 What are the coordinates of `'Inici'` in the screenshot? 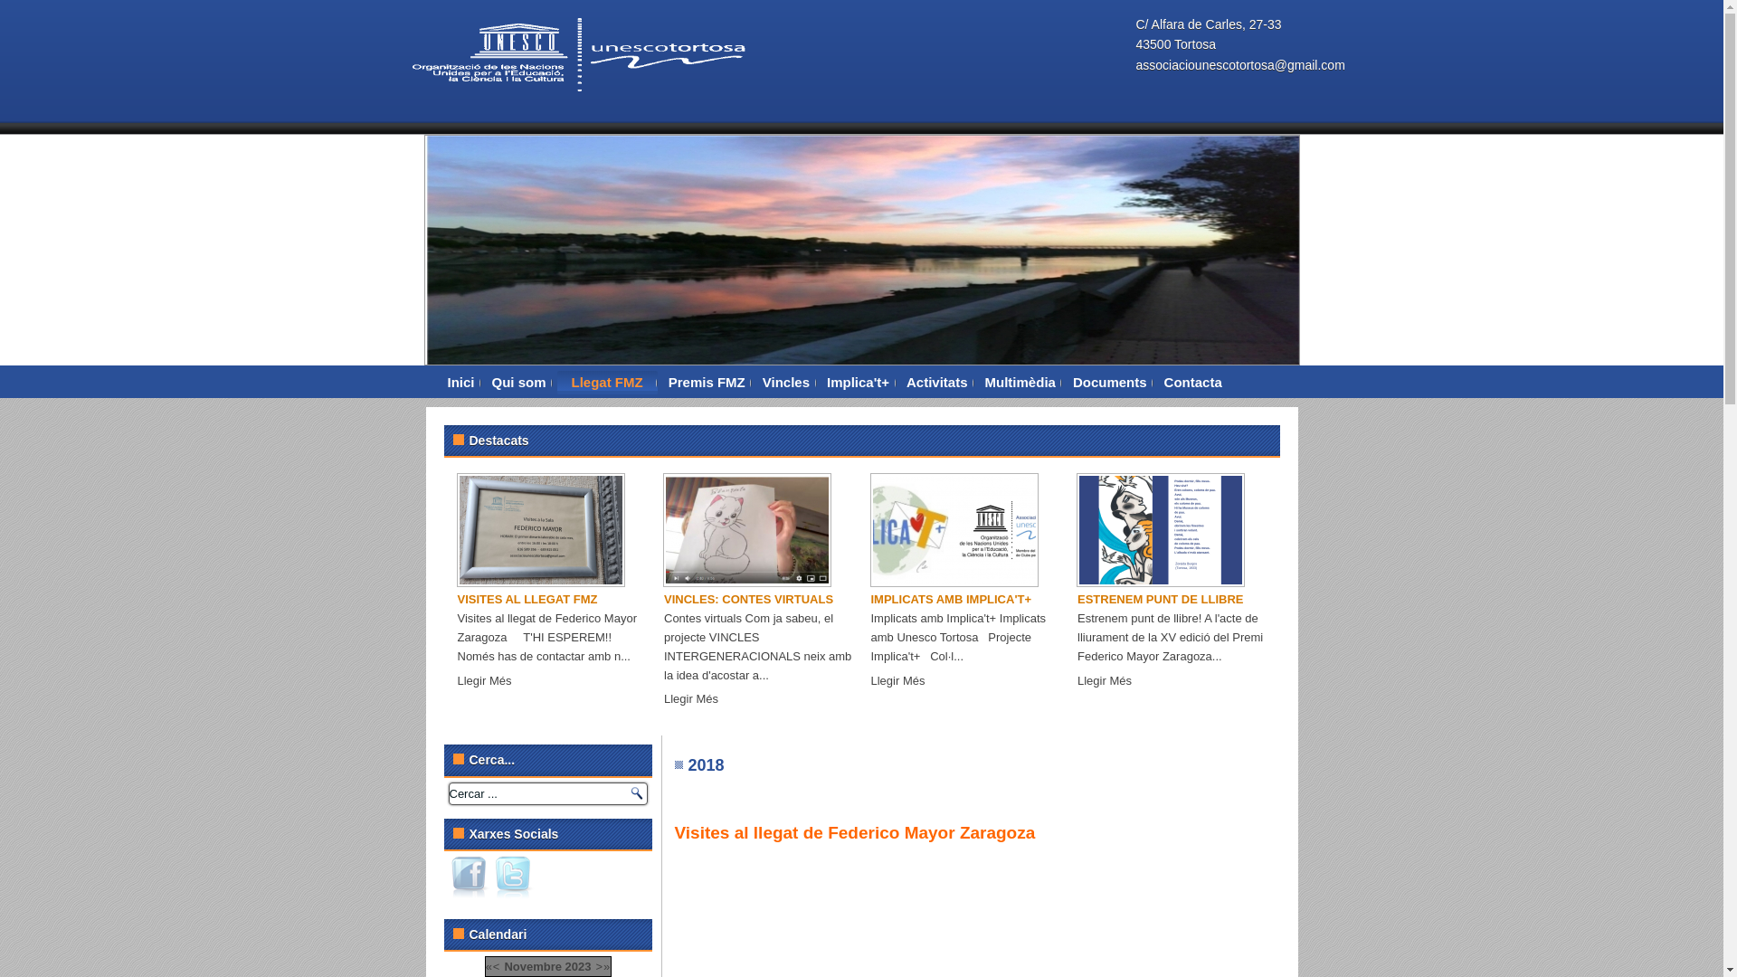 It's located at (460, 382).